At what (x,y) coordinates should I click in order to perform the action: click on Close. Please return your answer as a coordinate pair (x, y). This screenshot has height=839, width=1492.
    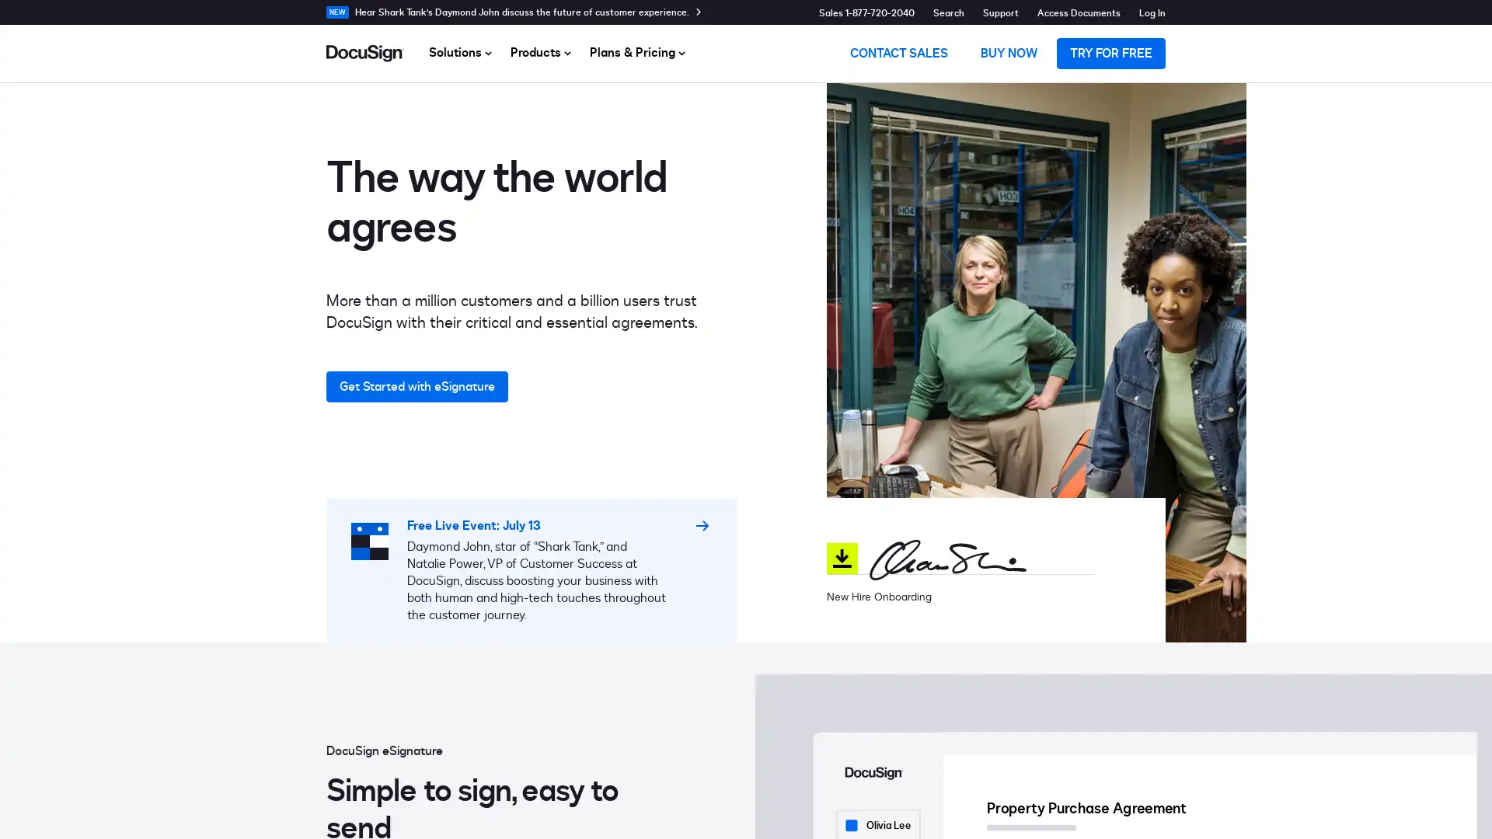
    Looking at the image, I should click on (1466, 803).